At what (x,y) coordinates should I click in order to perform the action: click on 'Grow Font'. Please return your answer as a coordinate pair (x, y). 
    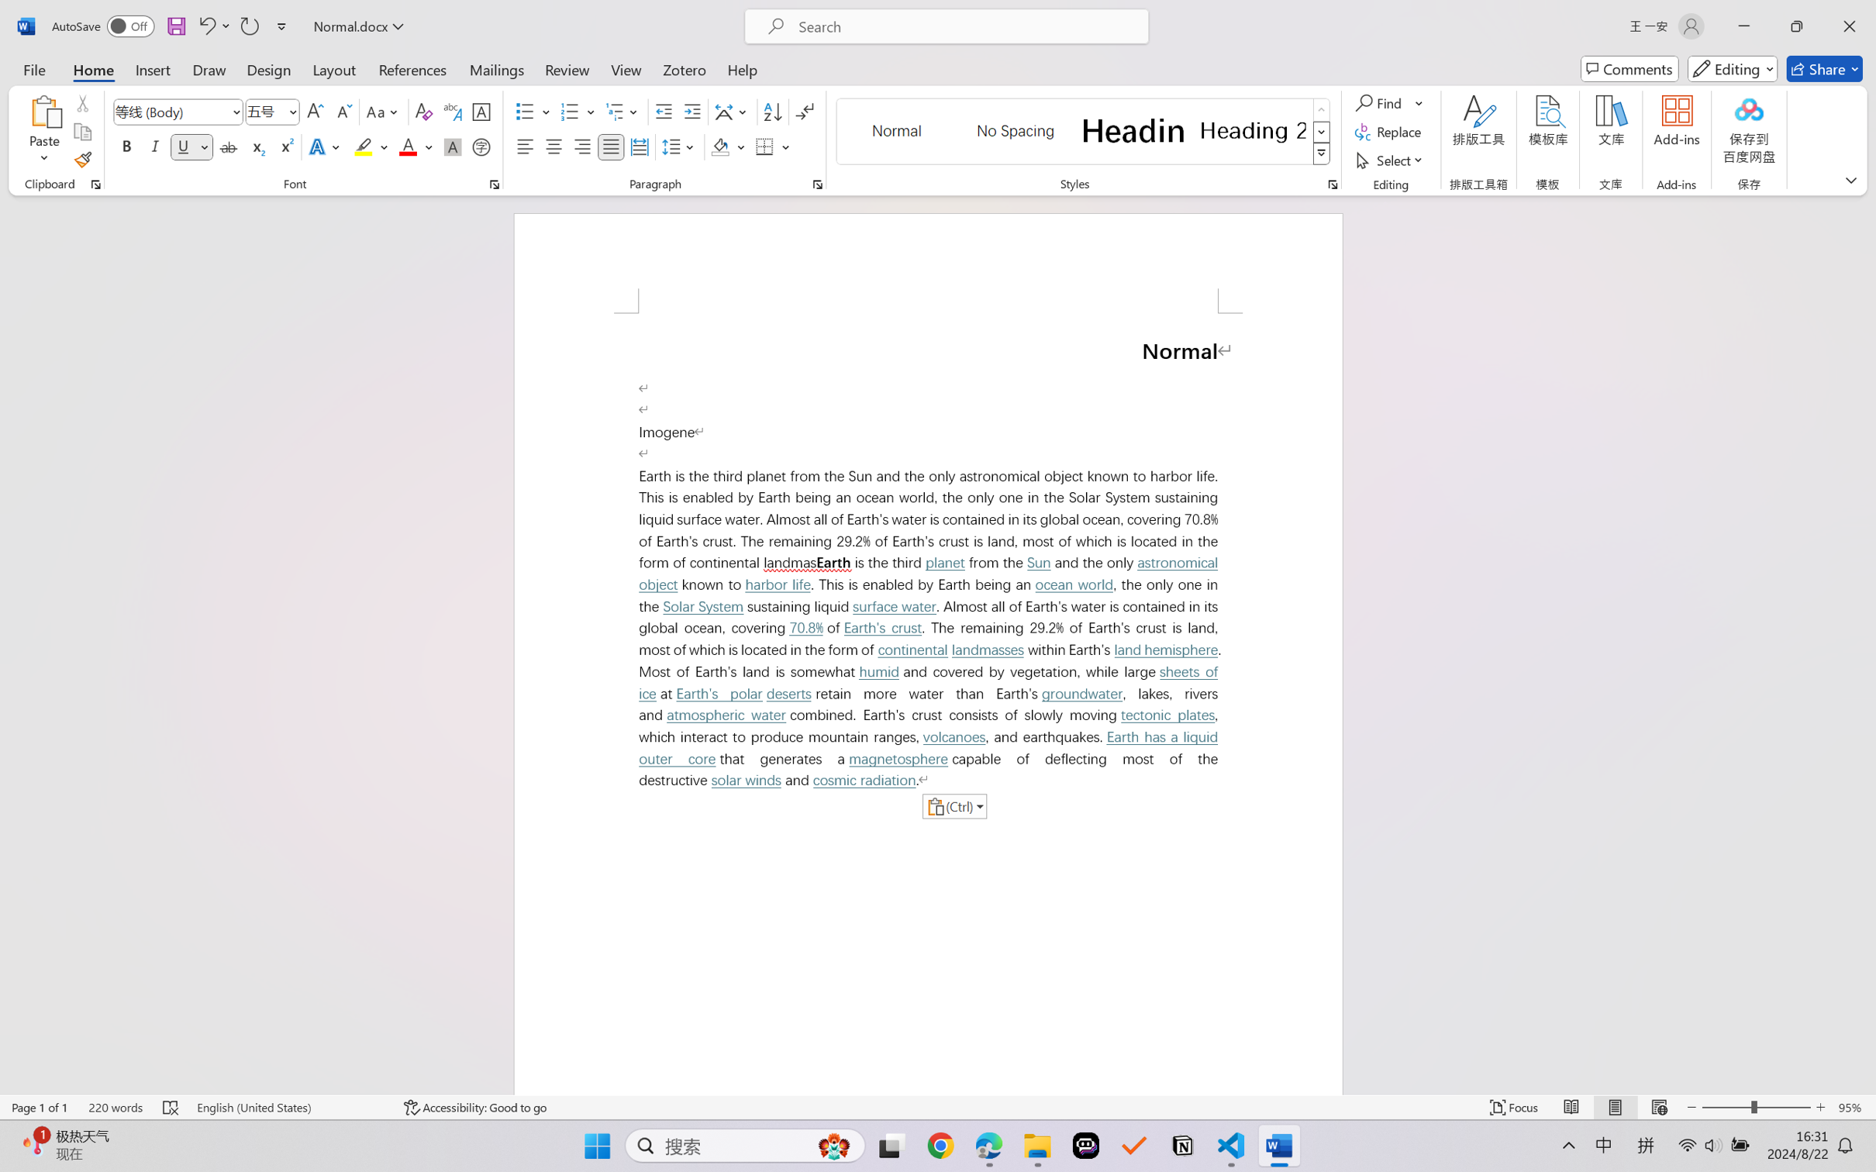
    Looking at the image, I should click on (315, 112).